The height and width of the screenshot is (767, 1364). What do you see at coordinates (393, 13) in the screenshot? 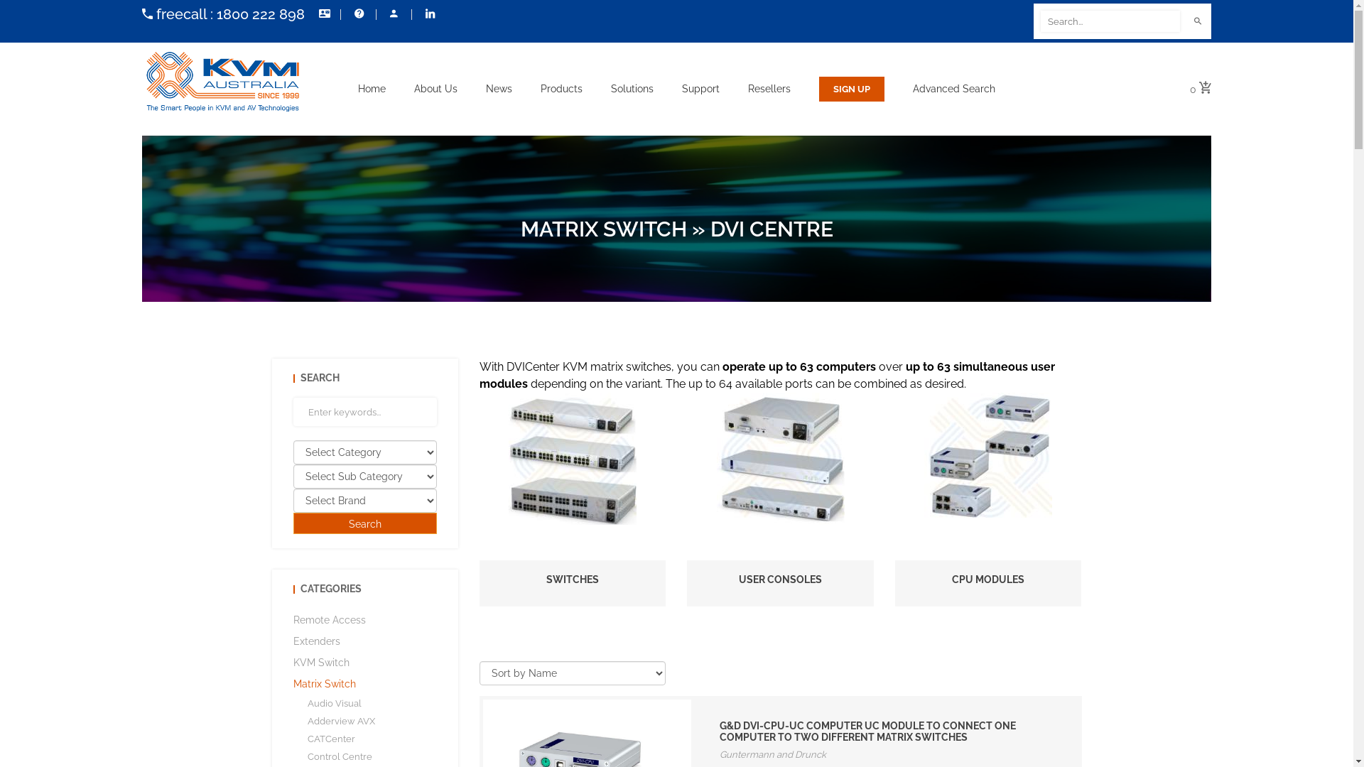
I see `'My Account'` at bounding box center [393, 13].